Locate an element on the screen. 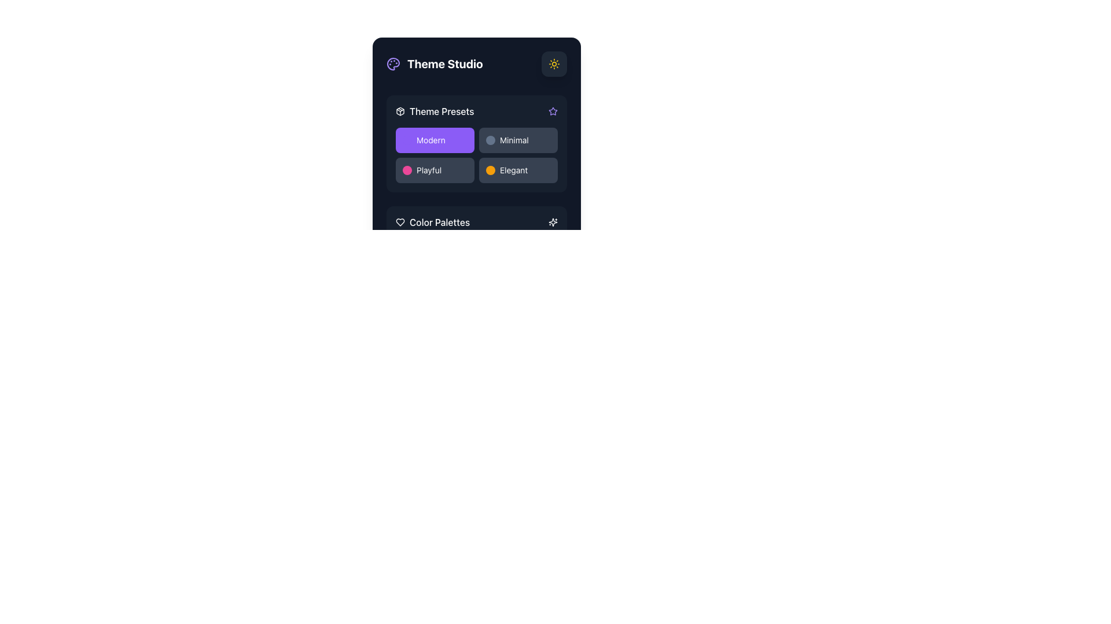 The image size is (1111, 624). the state of the violet circular indicator located to the left of the 'Modern' label in the 'Theme Presets' section of the 'Theme Studio' interface is located at coordinates (407, 140).